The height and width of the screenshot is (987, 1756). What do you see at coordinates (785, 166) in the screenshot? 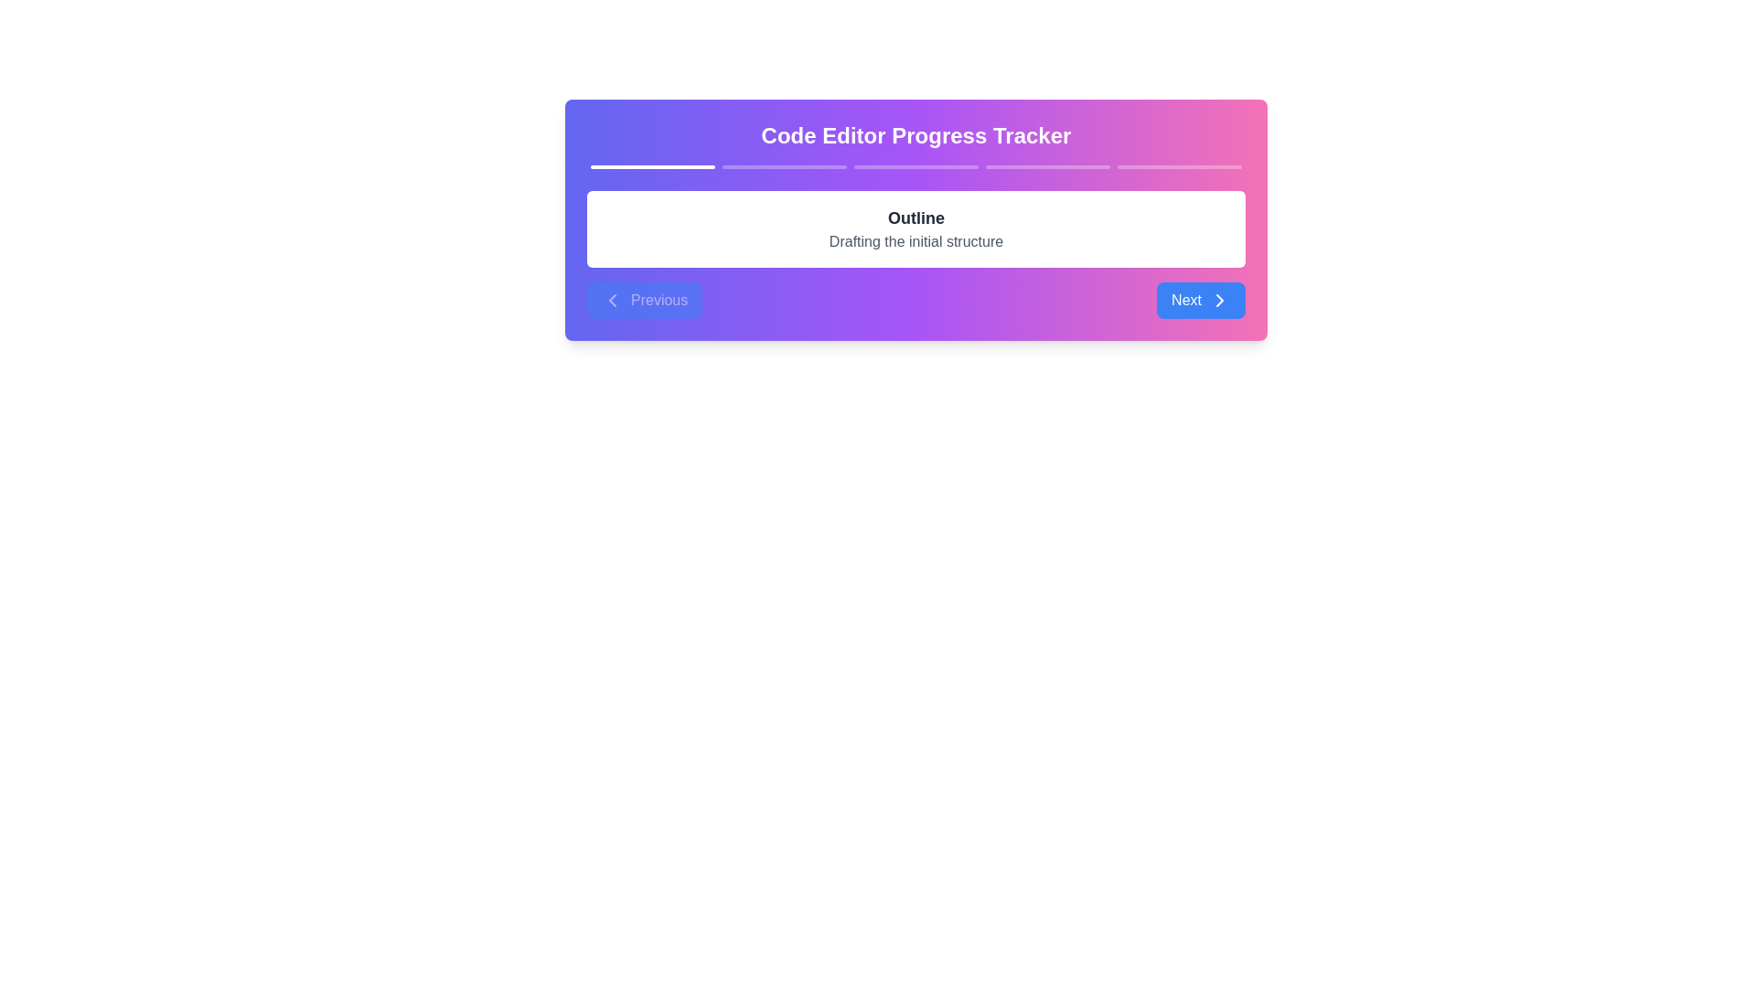
I see `the second segment of the progress indicator, which is part of a five-bar horizontal layout, to visually indicate the progress of the second step in a sequential task flow` at bounding box center [785, 166].